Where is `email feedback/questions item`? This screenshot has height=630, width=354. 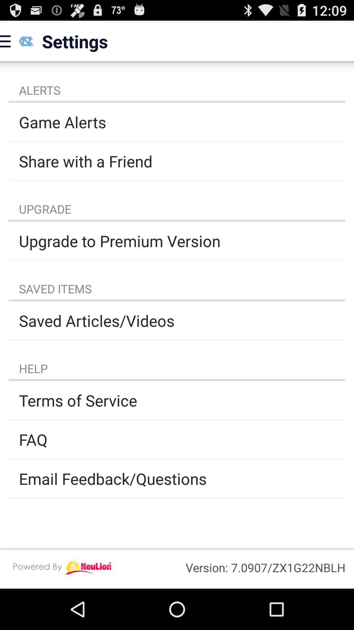
email feedback/questions item is located at coordinates (177, 478).